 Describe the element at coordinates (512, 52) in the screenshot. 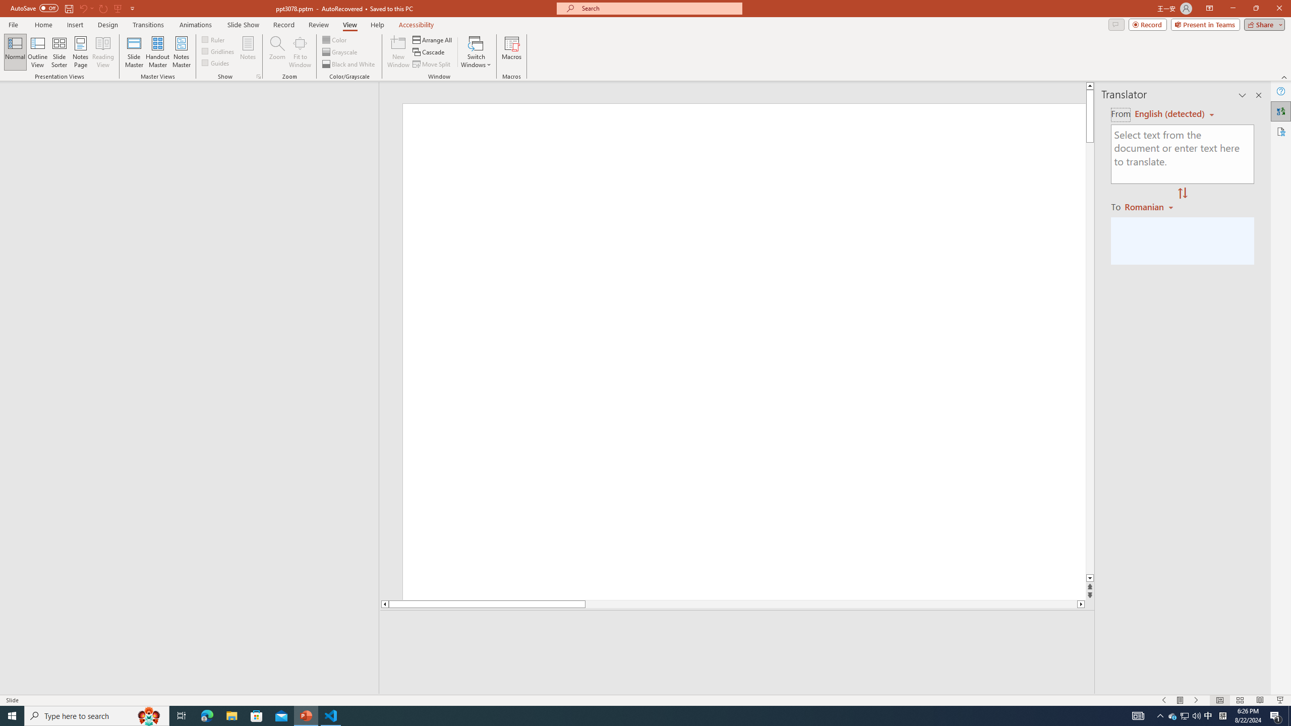

I see `'Macros'` at that location.